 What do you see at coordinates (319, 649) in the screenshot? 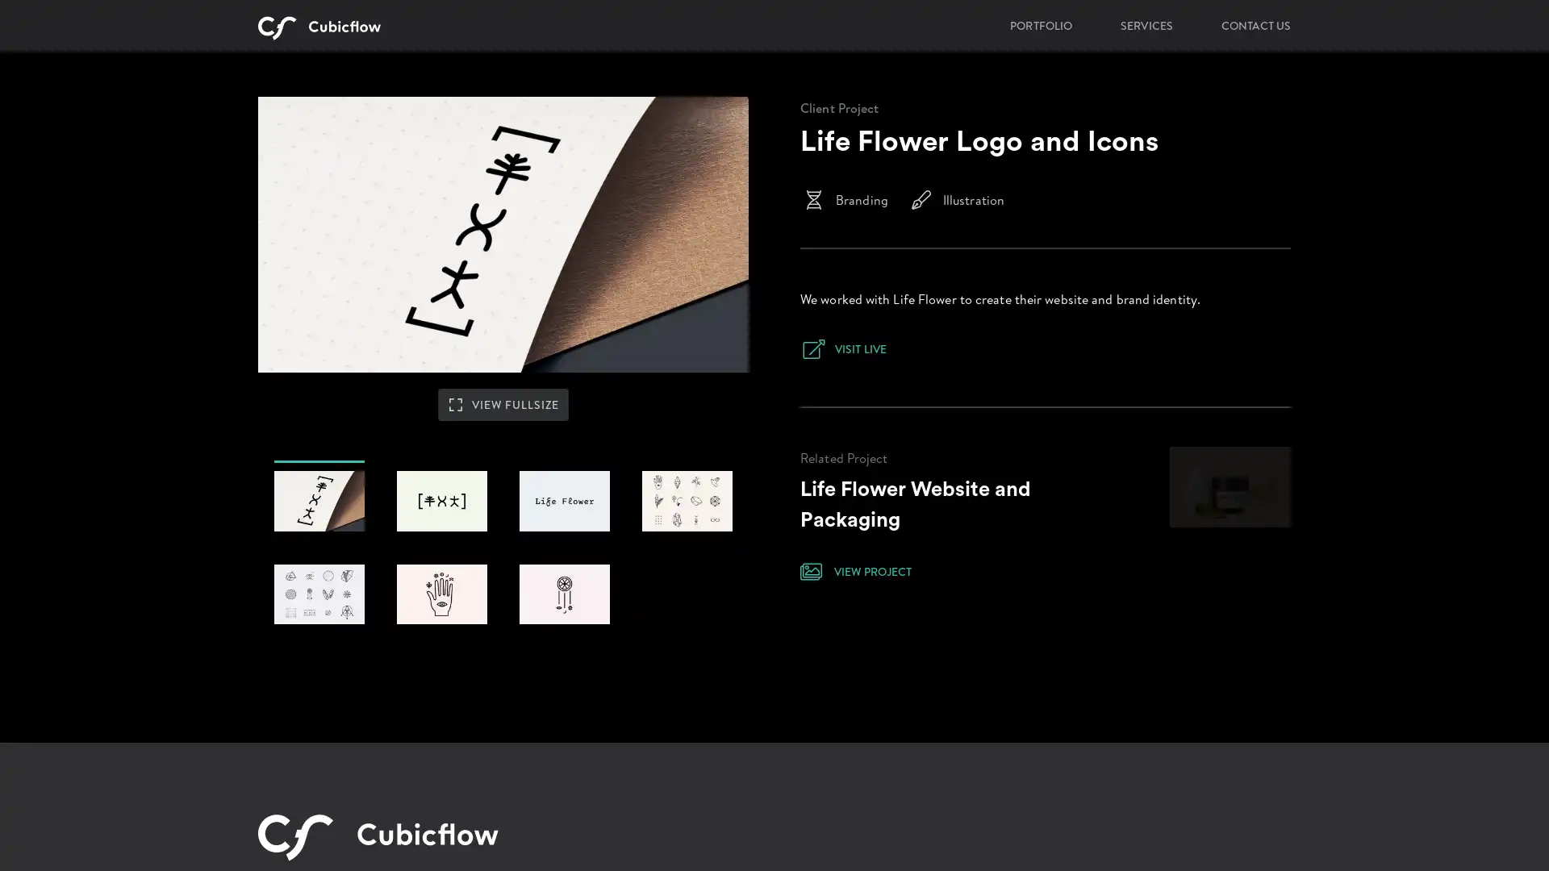
I see `#` at bounding box center [319, 649].